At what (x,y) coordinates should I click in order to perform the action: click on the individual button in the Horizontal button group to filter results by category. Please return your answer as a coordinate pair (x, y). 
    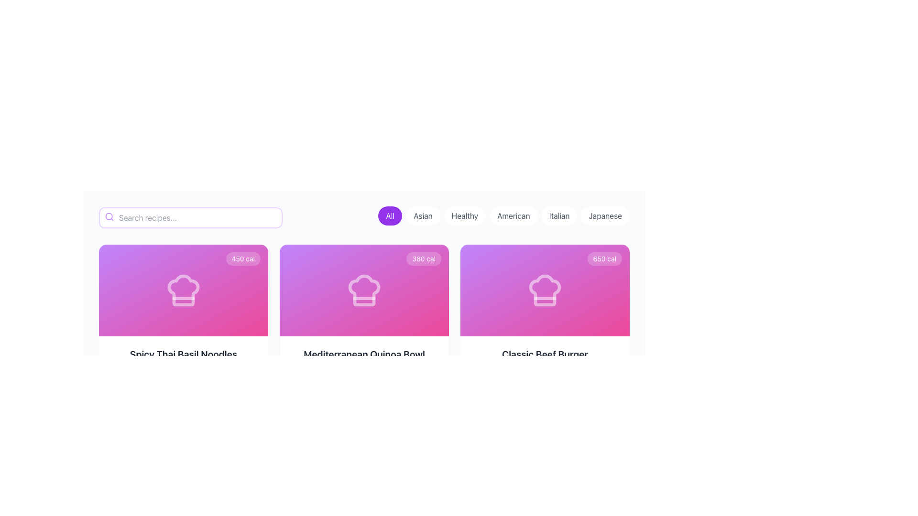
    Looking at the image, I should click on (364, 217).